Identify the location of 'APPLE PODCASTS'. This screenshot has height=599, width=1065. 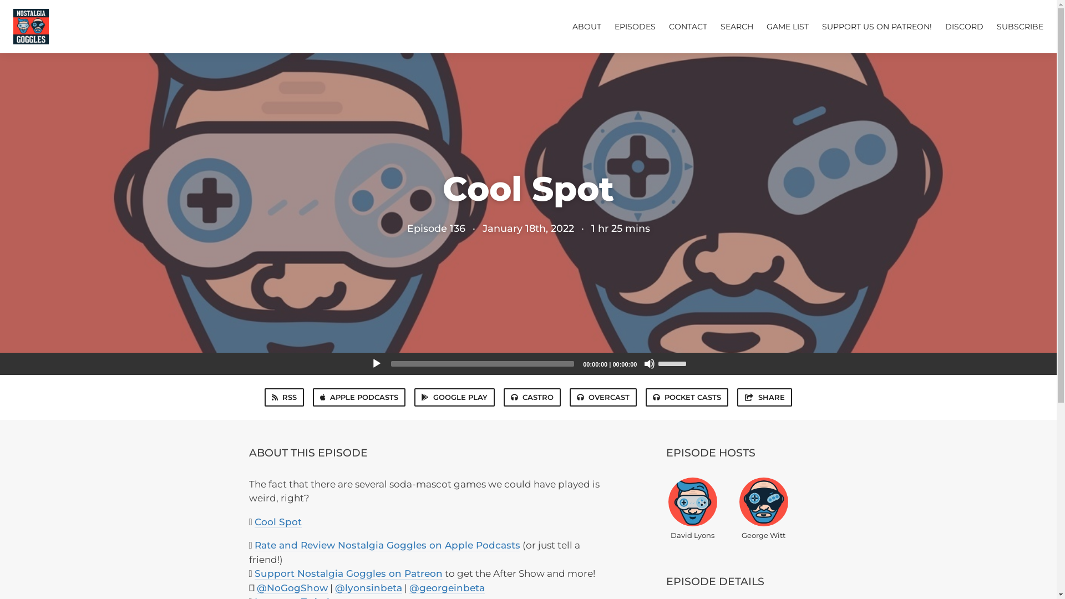
(359, 397).